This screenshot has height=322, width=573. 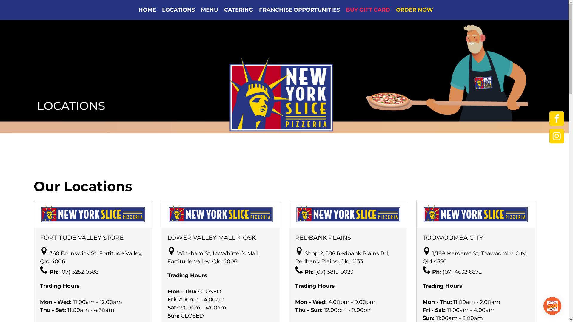 What do you see at coordinates (159, 10) in the screenshot?
I see `'LOCATIONS'` at bounding box center [159, 10].